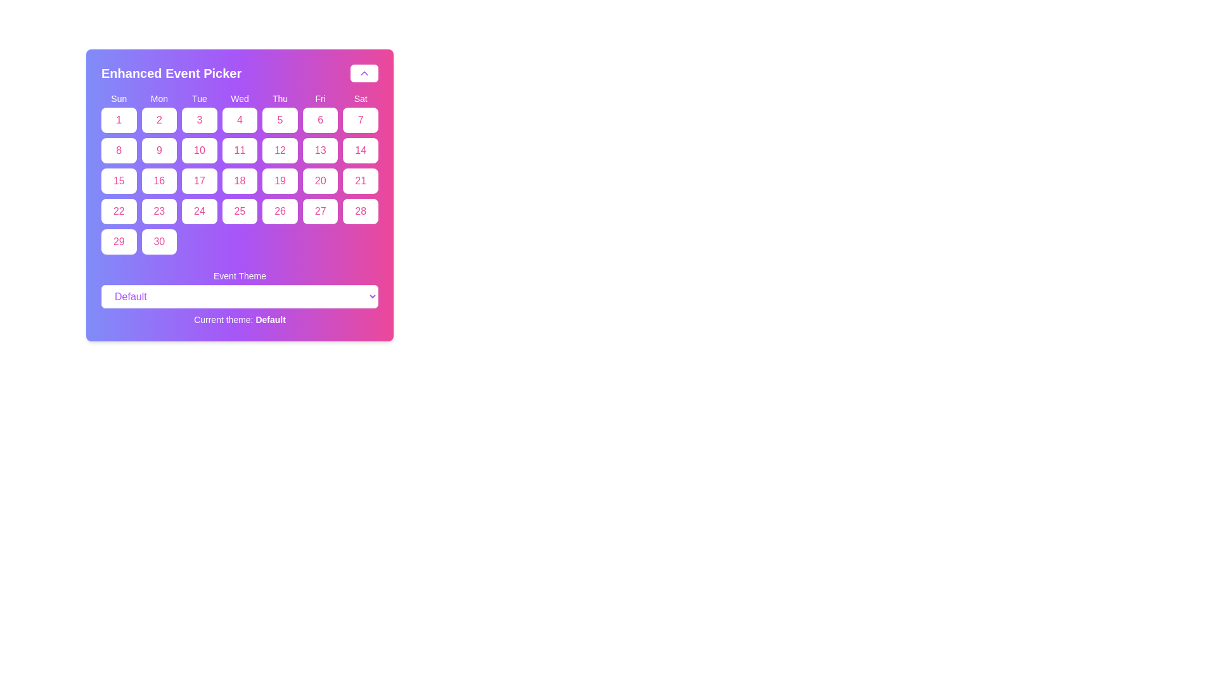  Describe the element at coordinates (360, 98) in the screenshot. I see `the 'Sat' label, which is the last item in the row of day labels, styled with white text on a vibrant gradient background` at that location.